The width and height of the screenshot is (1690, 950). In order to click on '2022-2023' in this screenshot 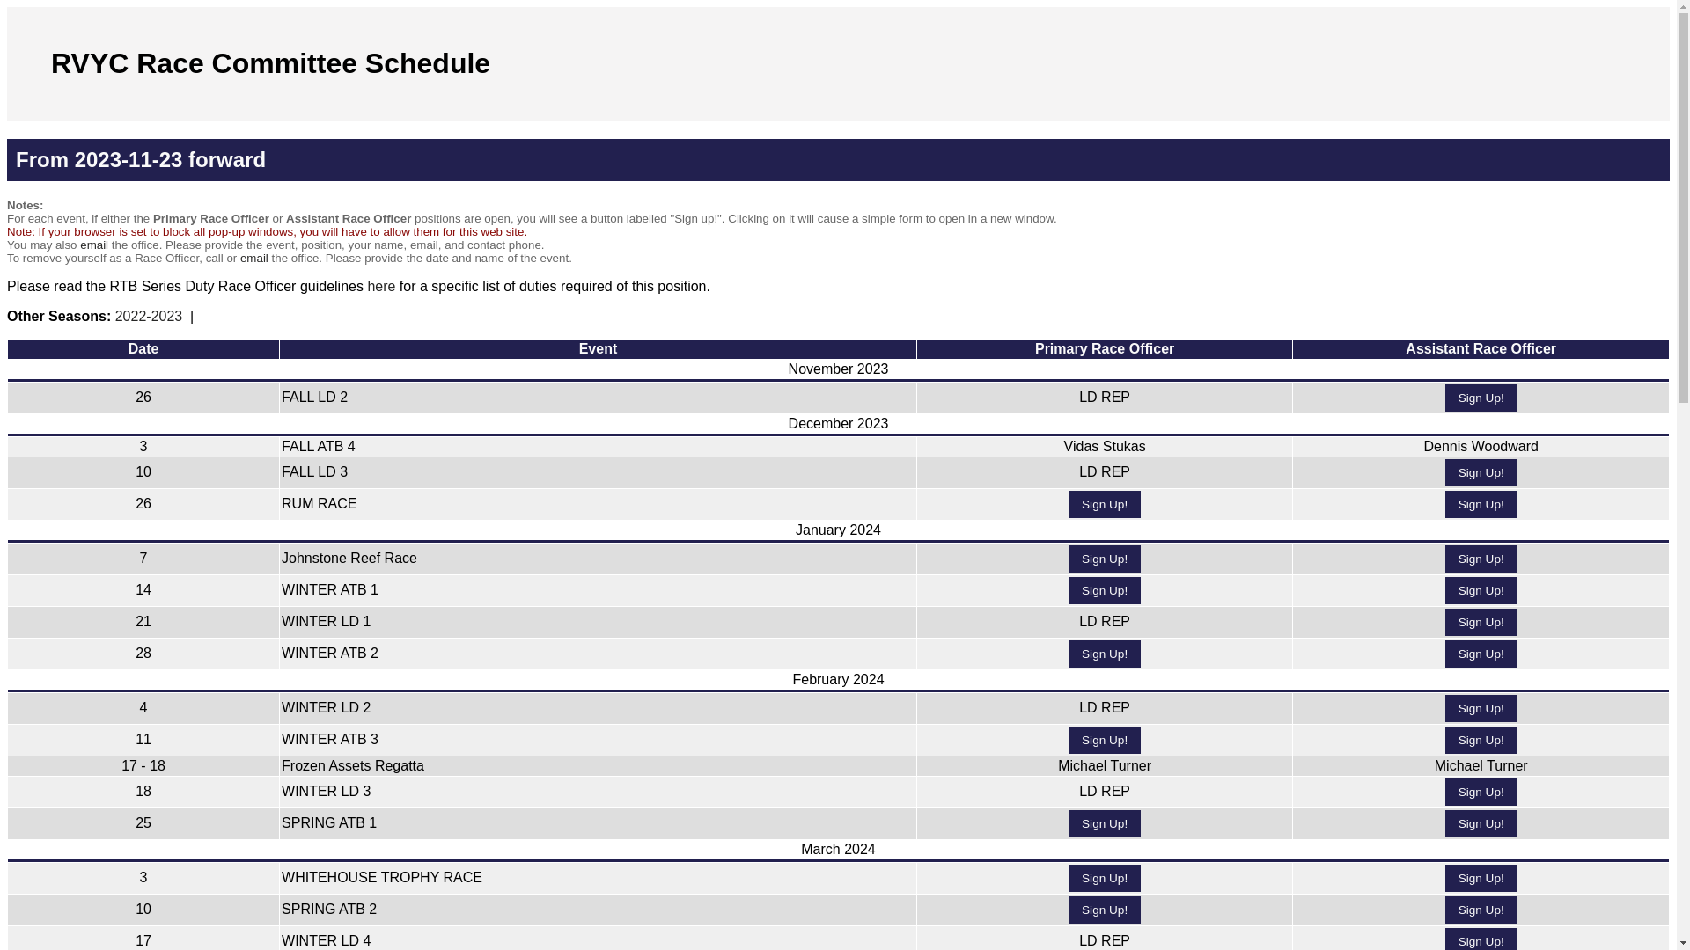, I will do `click(114, 315)`.